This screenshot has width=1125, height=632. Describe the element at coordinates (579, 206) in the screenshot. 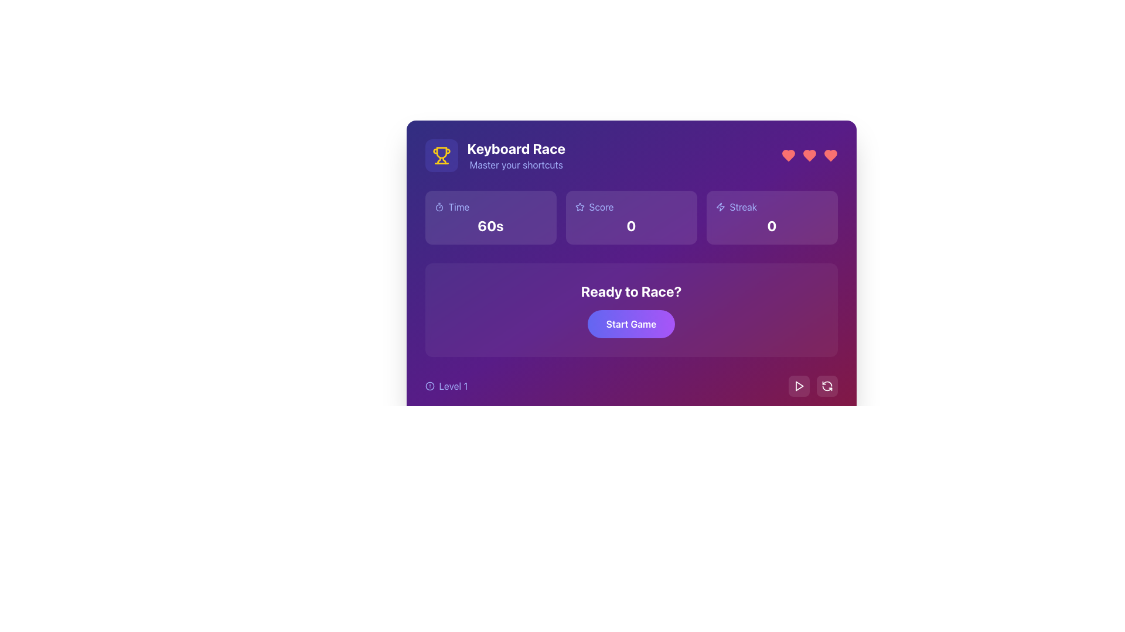

I see `the score-related icon located in the top middle of the layout, which is the central visual component of the score panel` at that location.